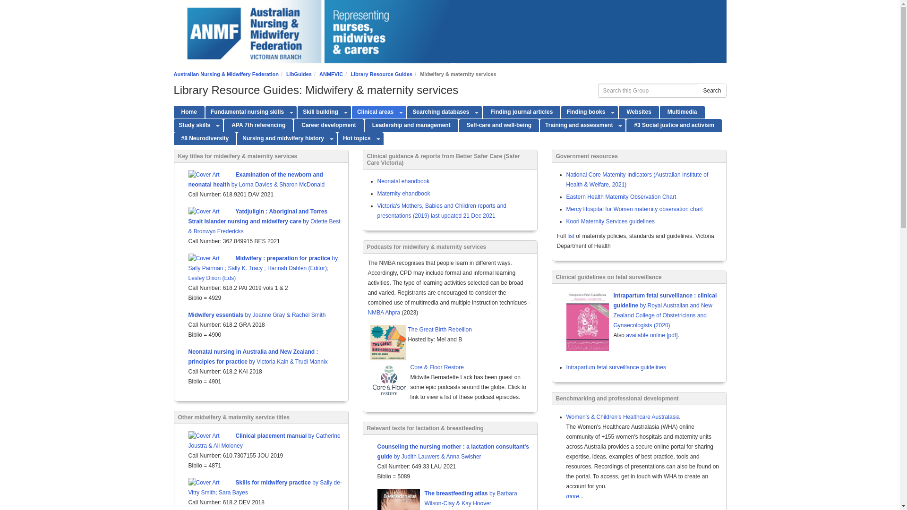  I want to click on 'Intrapartum fetal surveillance guidelines', so click(616, 367).